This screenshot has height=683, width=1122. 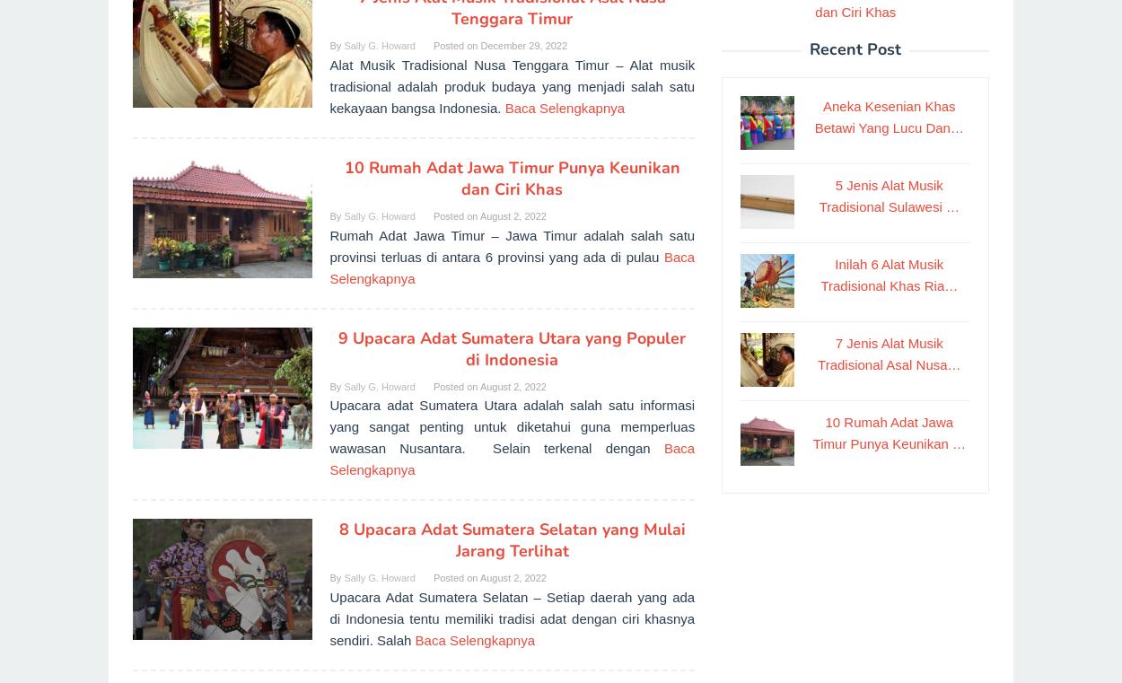 What do you see at coordinates (511, 617) in the screenshot?
I see `'Upacara Adat Sumatera Selatan – Setiap daerah yang ada di Indonesia tentu memiliki tradisi adat dengan ciri khasnya sendiri. Salah'` at bounding box center [511, 617].